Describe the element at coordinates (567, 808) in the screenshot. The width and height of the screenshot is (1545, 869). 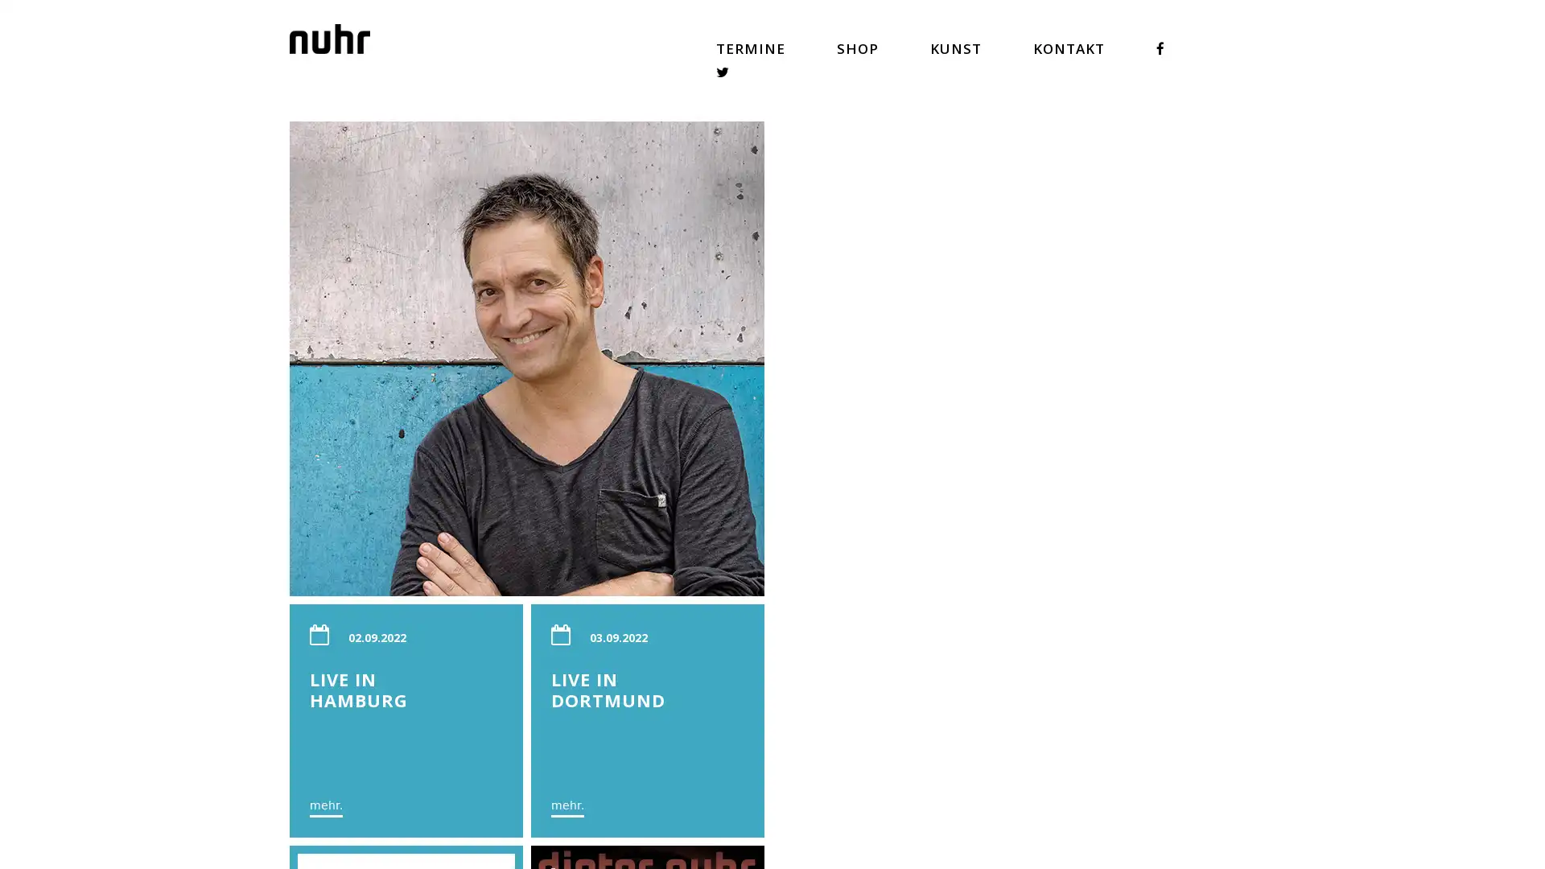
I see `mehr.` at that location.